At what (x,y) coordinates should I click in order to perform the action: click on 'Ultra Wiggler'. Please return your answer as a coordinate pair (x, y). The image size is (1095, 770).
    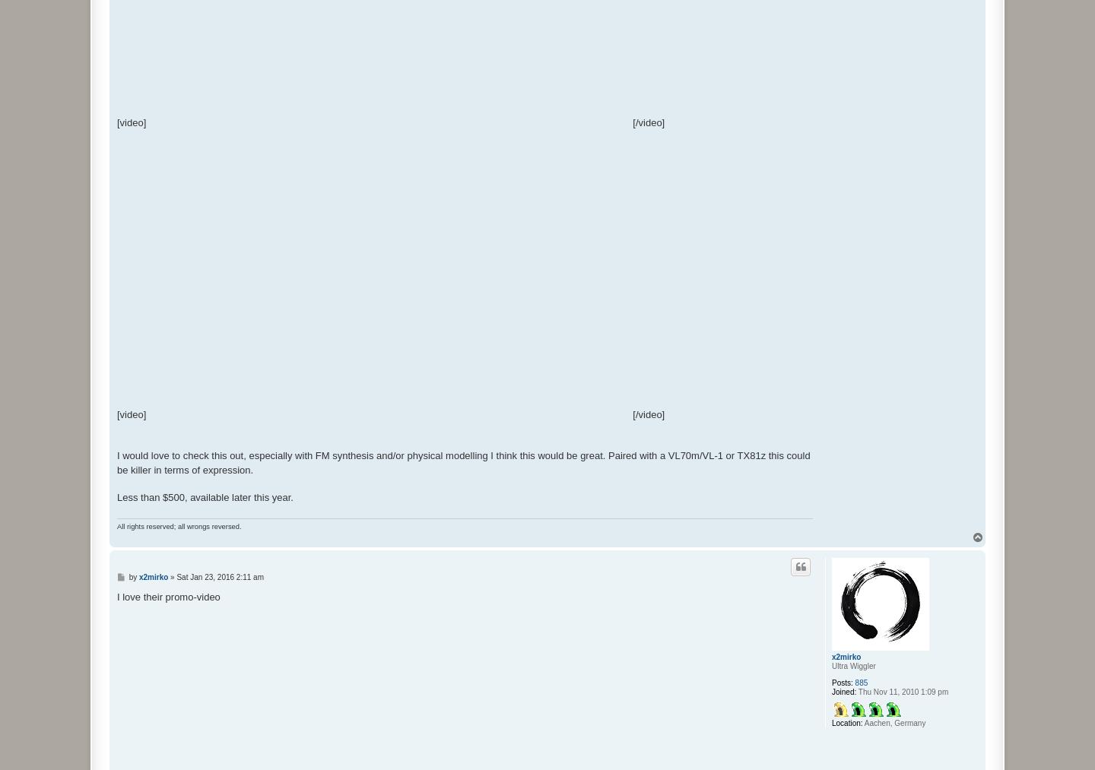
    Looking at the image, I should click on (852, 665).